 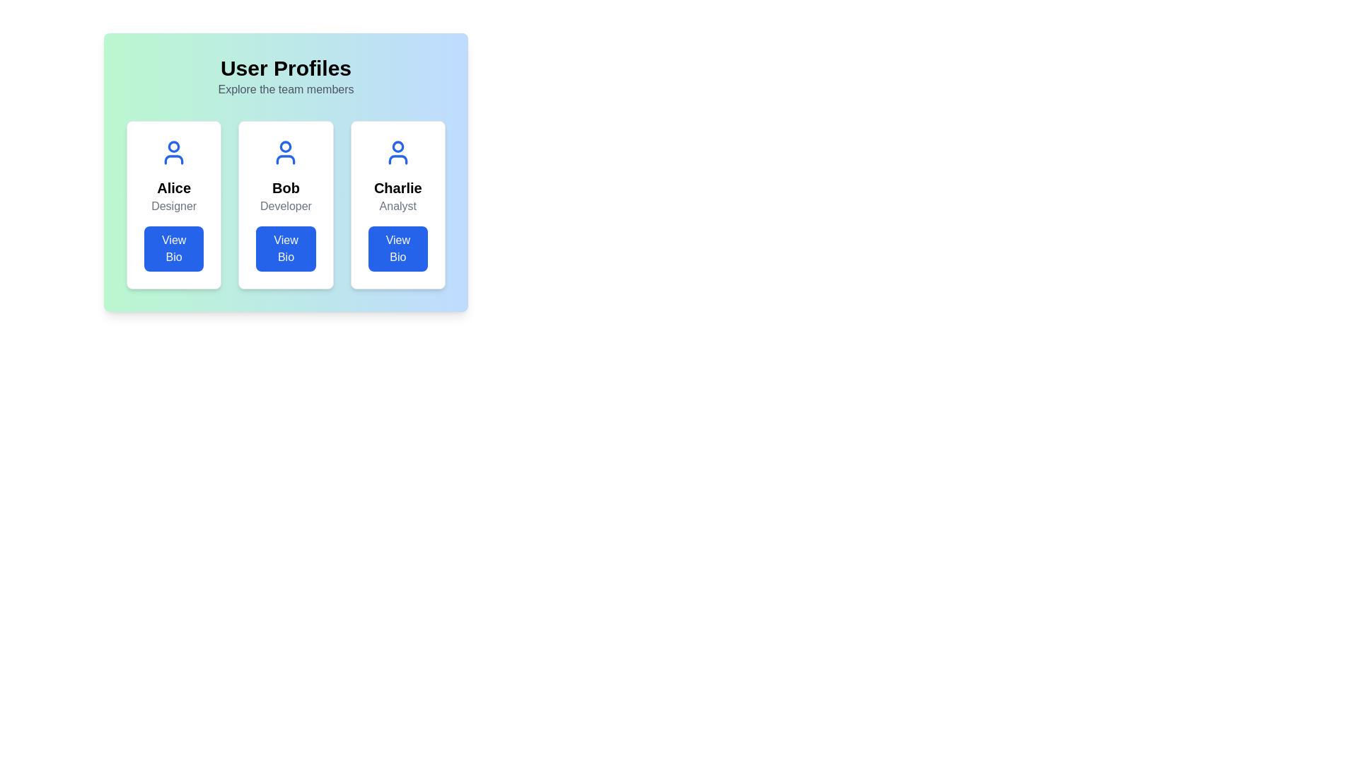 I want to click on the call-to-action button for viewing details related to 'Charlie' located at the bottom of the 'Charlie' profile card to change its color, so click(x=397, y=248).